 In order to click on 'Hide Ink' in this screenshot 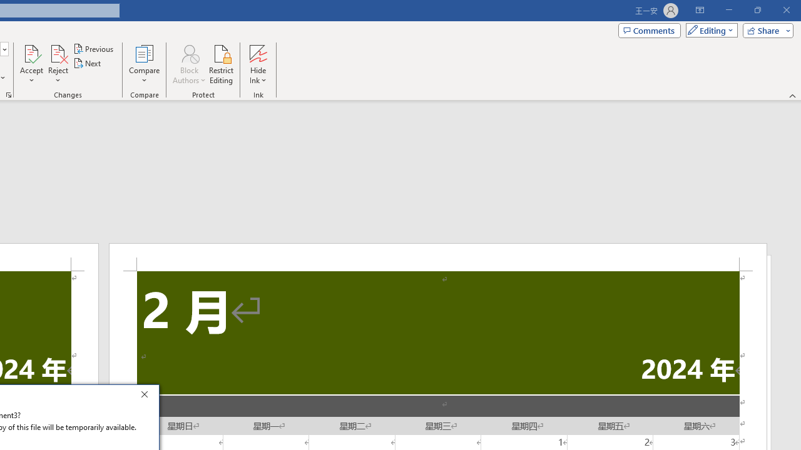, I will do `click(257, 52)`.